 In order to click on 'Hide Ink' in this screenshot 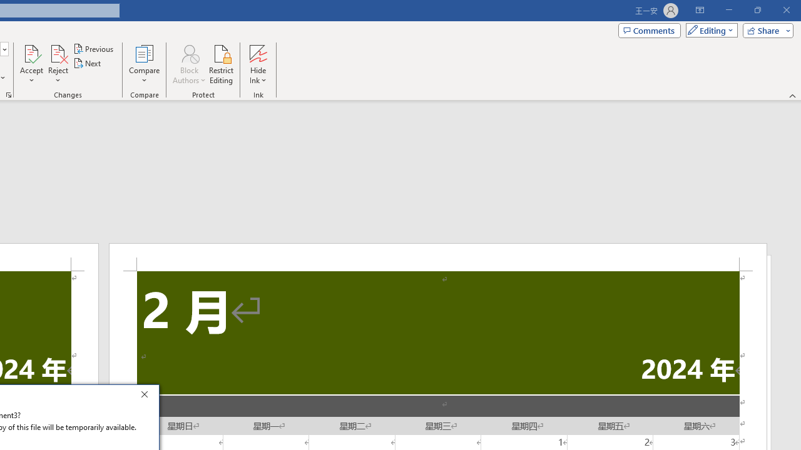, I will do `click(257, 52)`.